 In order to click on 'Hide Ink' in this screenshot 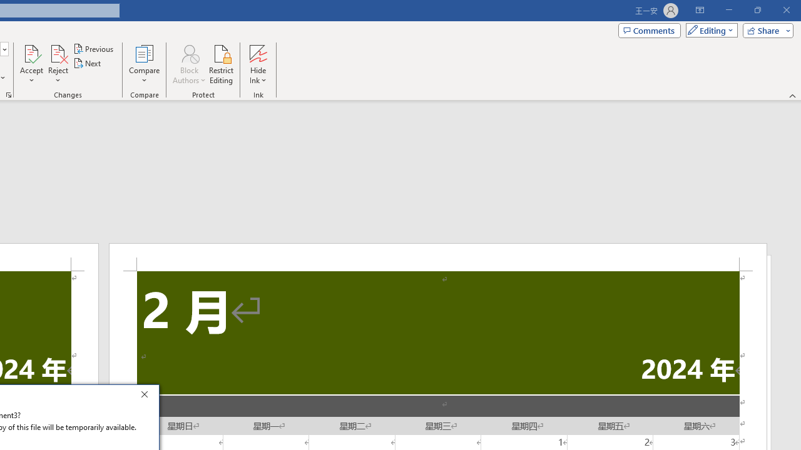, I will do `click(257, 52)`.